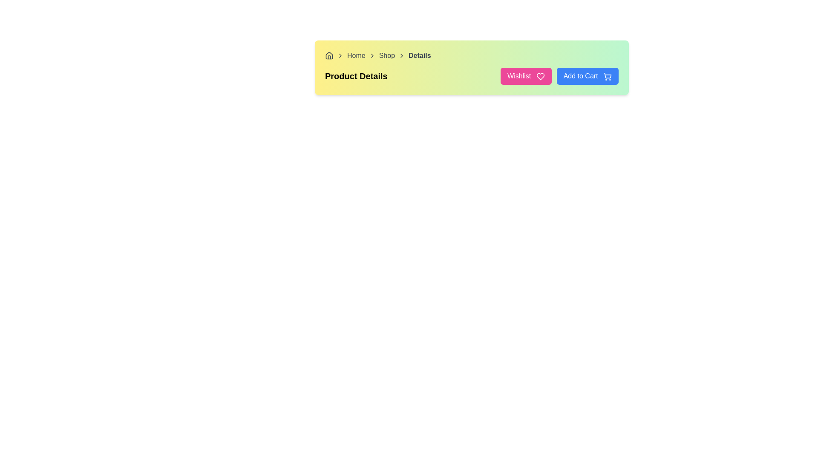 This screenshot has height=460, width=818. What do you see at coordinates (420, 56) in the screenshot?
I see `the 'Details' text label in the breadcrumb navigation bar, which indicates the current section the user is in` at bounding box center [420, 56].